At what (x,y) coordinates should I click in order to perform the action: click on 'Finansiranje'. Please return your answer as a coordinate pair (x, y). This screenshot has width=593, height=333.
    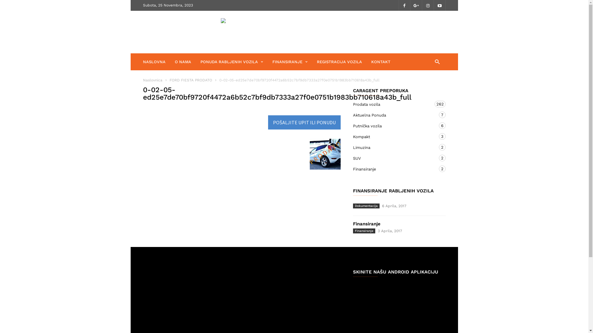
    Looking at the image, I should click on (366, 224).